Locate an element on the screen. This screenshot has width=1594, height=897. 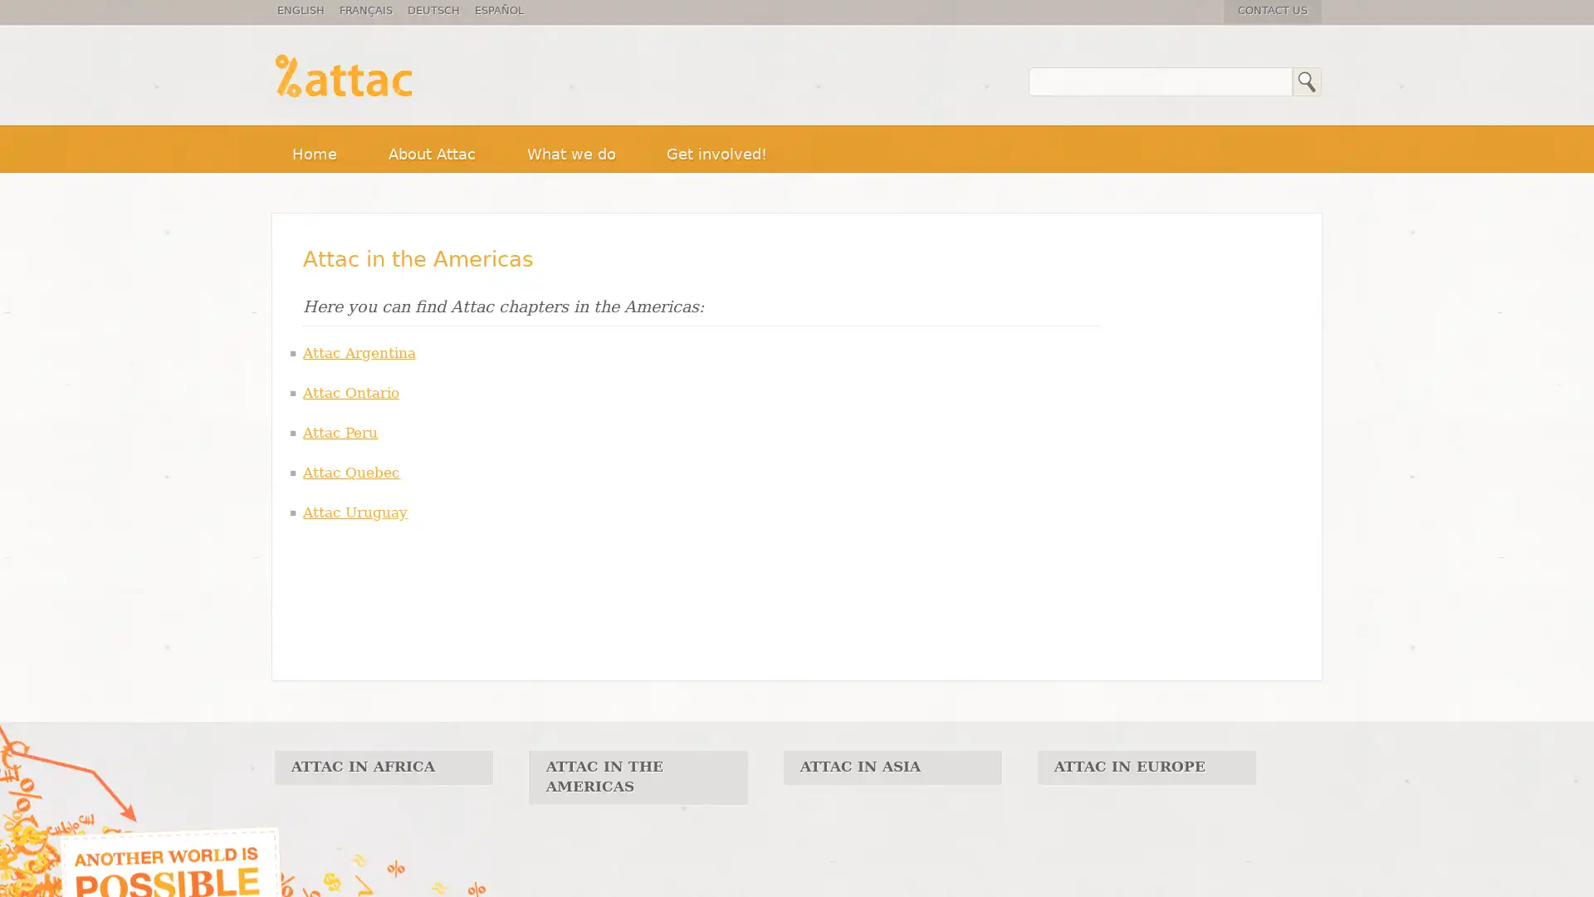
Search is located at coordinates (1306, 81).